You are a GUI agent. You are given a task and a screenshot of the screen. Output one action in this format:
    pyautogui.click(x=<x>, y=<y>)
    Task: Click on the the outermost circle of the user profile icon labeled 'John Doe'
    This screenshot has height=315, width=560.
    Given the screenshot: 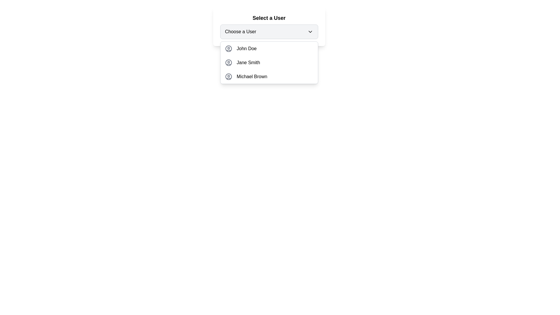 What is the action you would take?
    pyautogui.click(x=228, y=48)
    